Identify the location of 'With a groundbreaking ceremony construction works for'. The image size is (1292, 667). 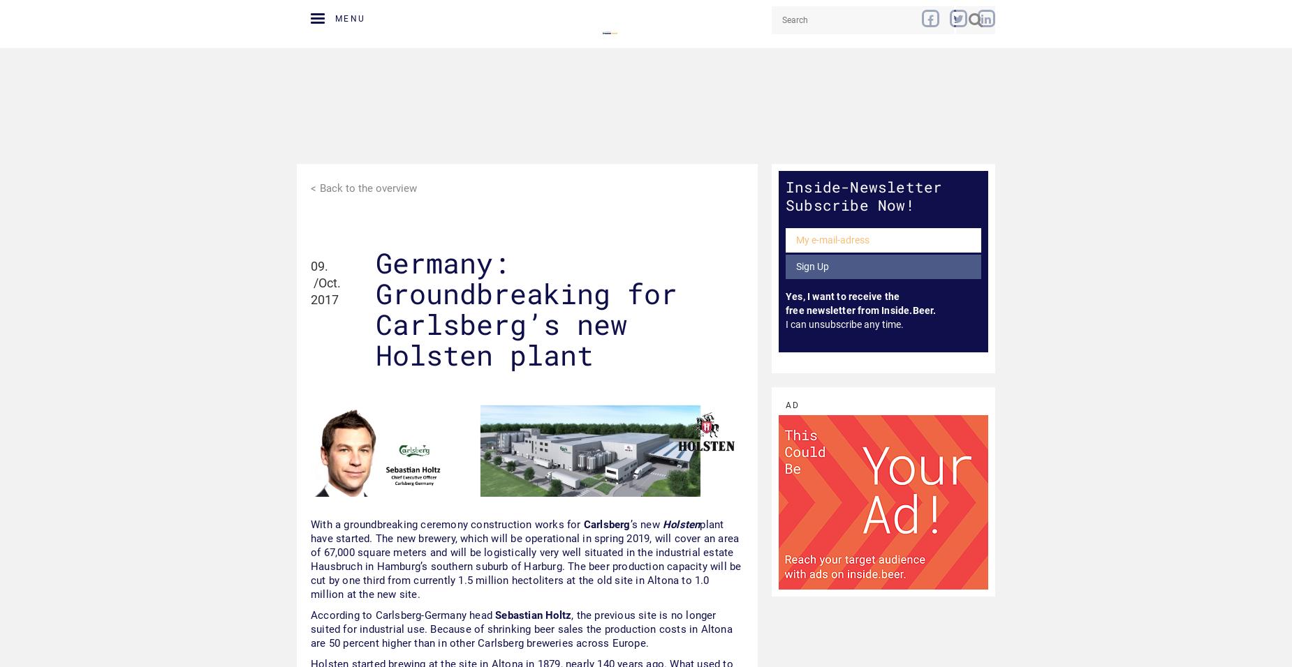
(446, 523).